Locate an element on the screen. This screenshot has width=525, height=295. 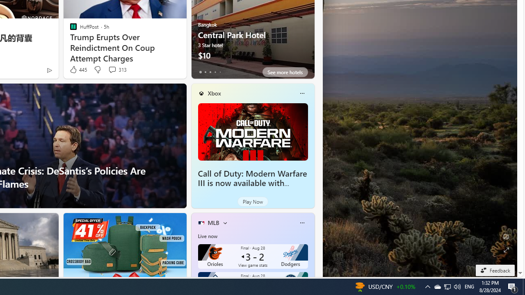
'More options' is located at coordinates (301, 222).